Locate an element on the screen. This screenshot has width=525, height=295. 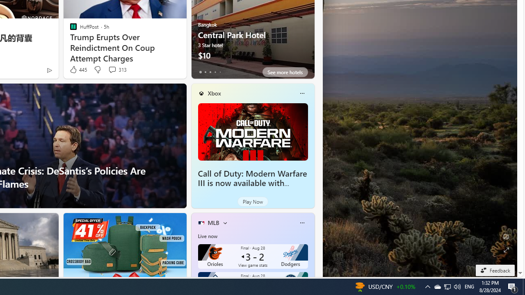
'More options' is located at coordinates (301, 222).